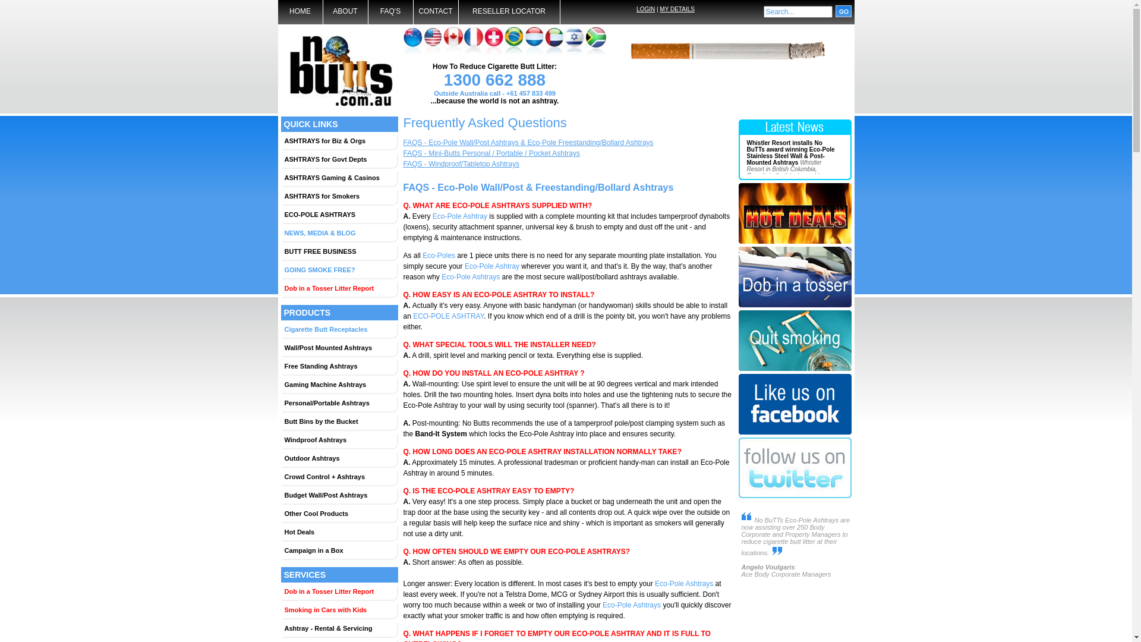  What do you see at coordinates (339, 348) in the screenshot?
I see `'Wall/Post Mounted Ashtrays'` at bounding box center [339, 348].